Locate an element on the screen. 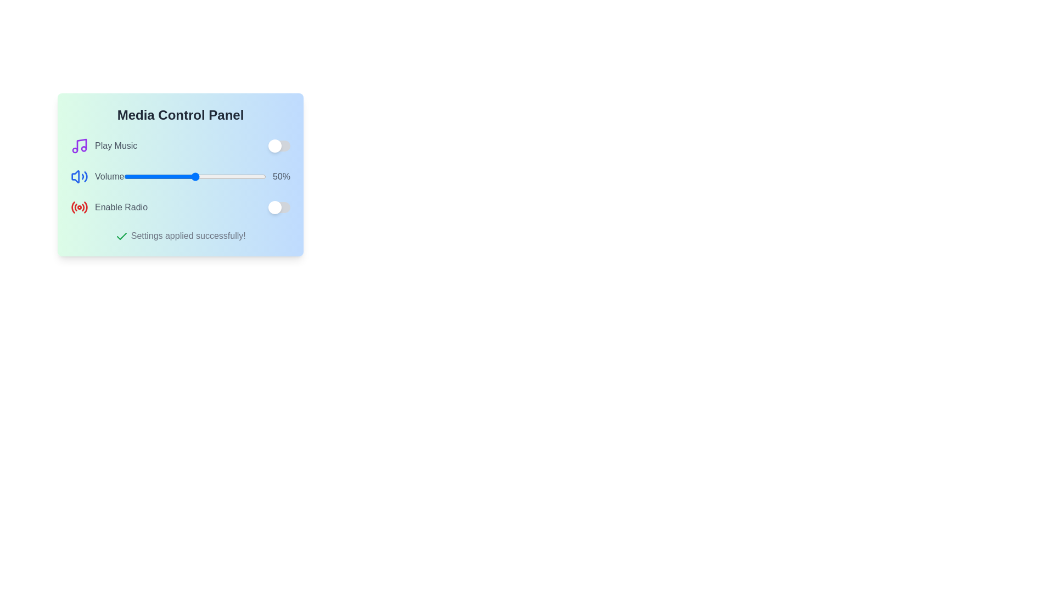 Image resolution: width=1054 pixels, height=593 pixels. the text element displaying '50%' in gray color, located to the right of the volume slider within the volume control section is located at coordinates (282, 176).